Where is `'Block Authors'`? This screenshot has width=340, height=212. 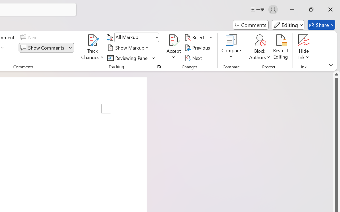 'Block Authors' is located at coordinates (260, 40).